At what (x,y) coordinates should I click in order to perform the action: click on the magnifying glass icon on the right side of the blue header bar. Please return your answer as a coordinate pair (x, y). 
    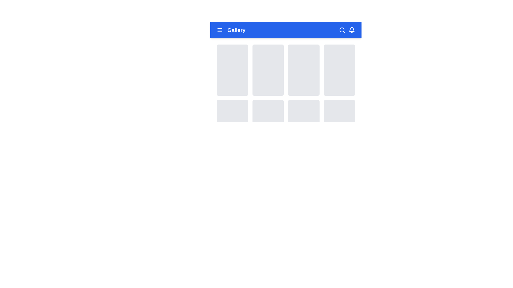
    Looking at the image, I should click on (345, 30).